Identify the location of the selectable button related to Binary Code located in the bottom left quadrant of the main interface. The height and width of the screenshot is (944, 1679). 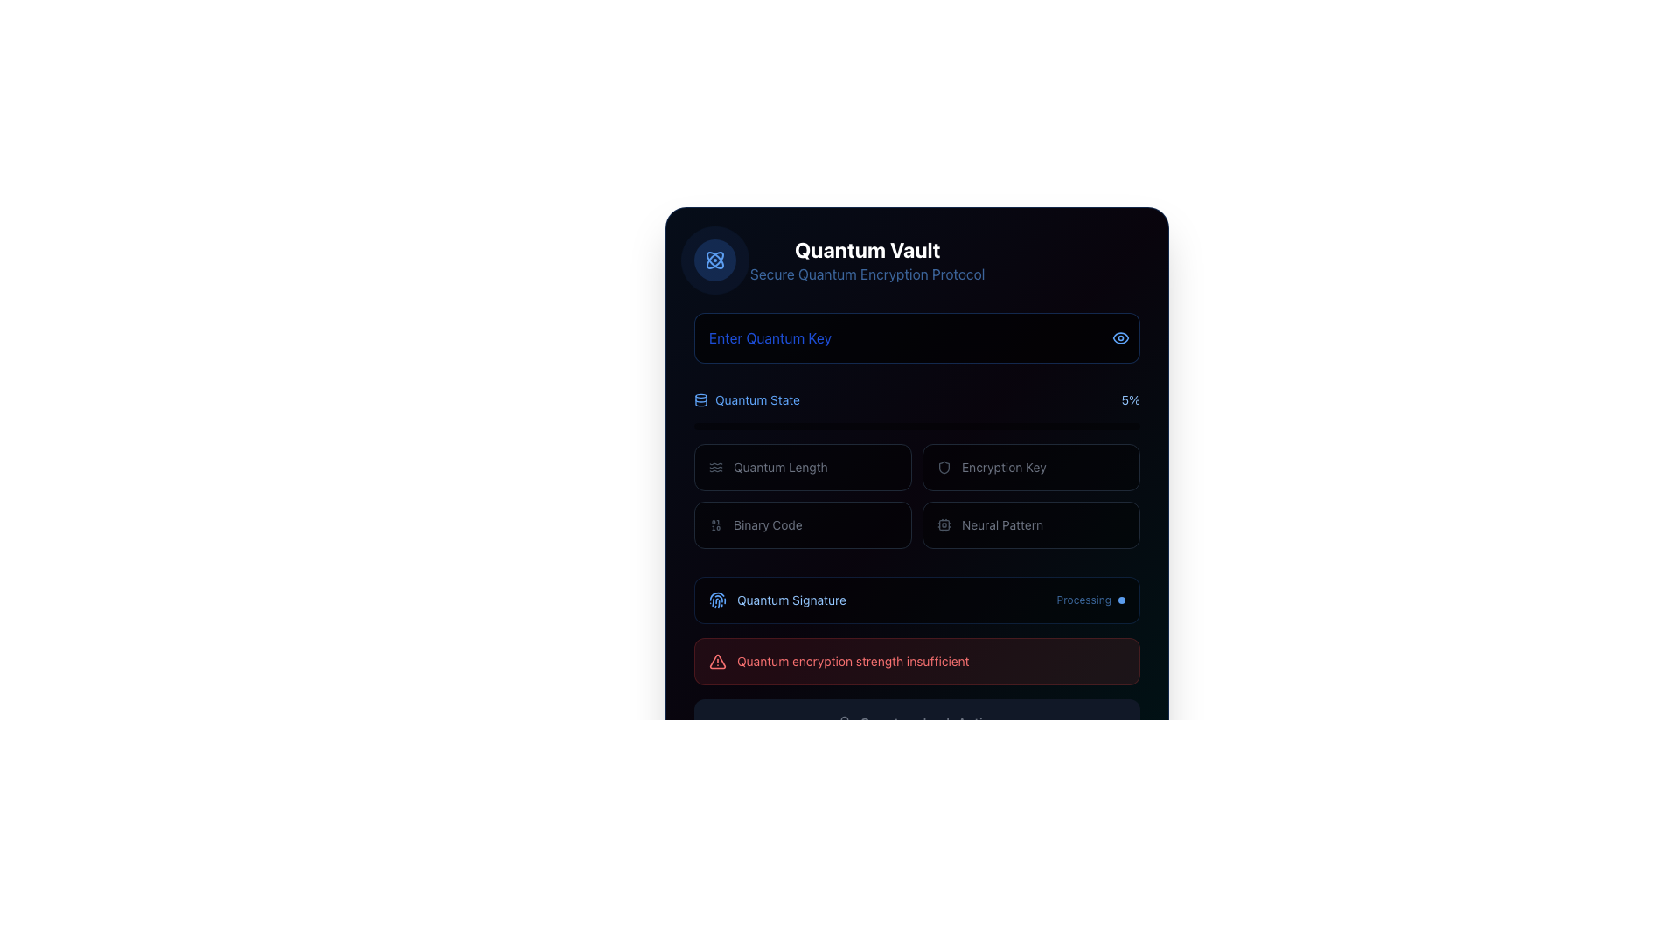
(768, 524).